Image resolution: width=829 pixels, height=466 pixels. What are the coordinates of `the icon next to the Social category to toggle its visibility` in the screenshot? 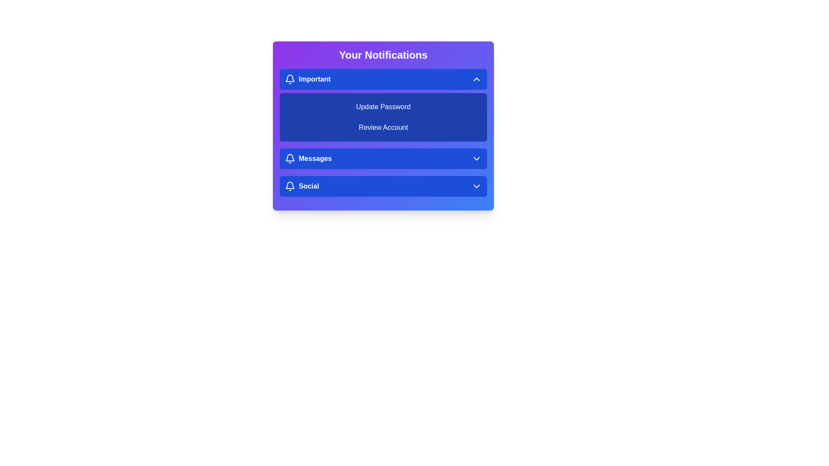 It's located at (290, 186).